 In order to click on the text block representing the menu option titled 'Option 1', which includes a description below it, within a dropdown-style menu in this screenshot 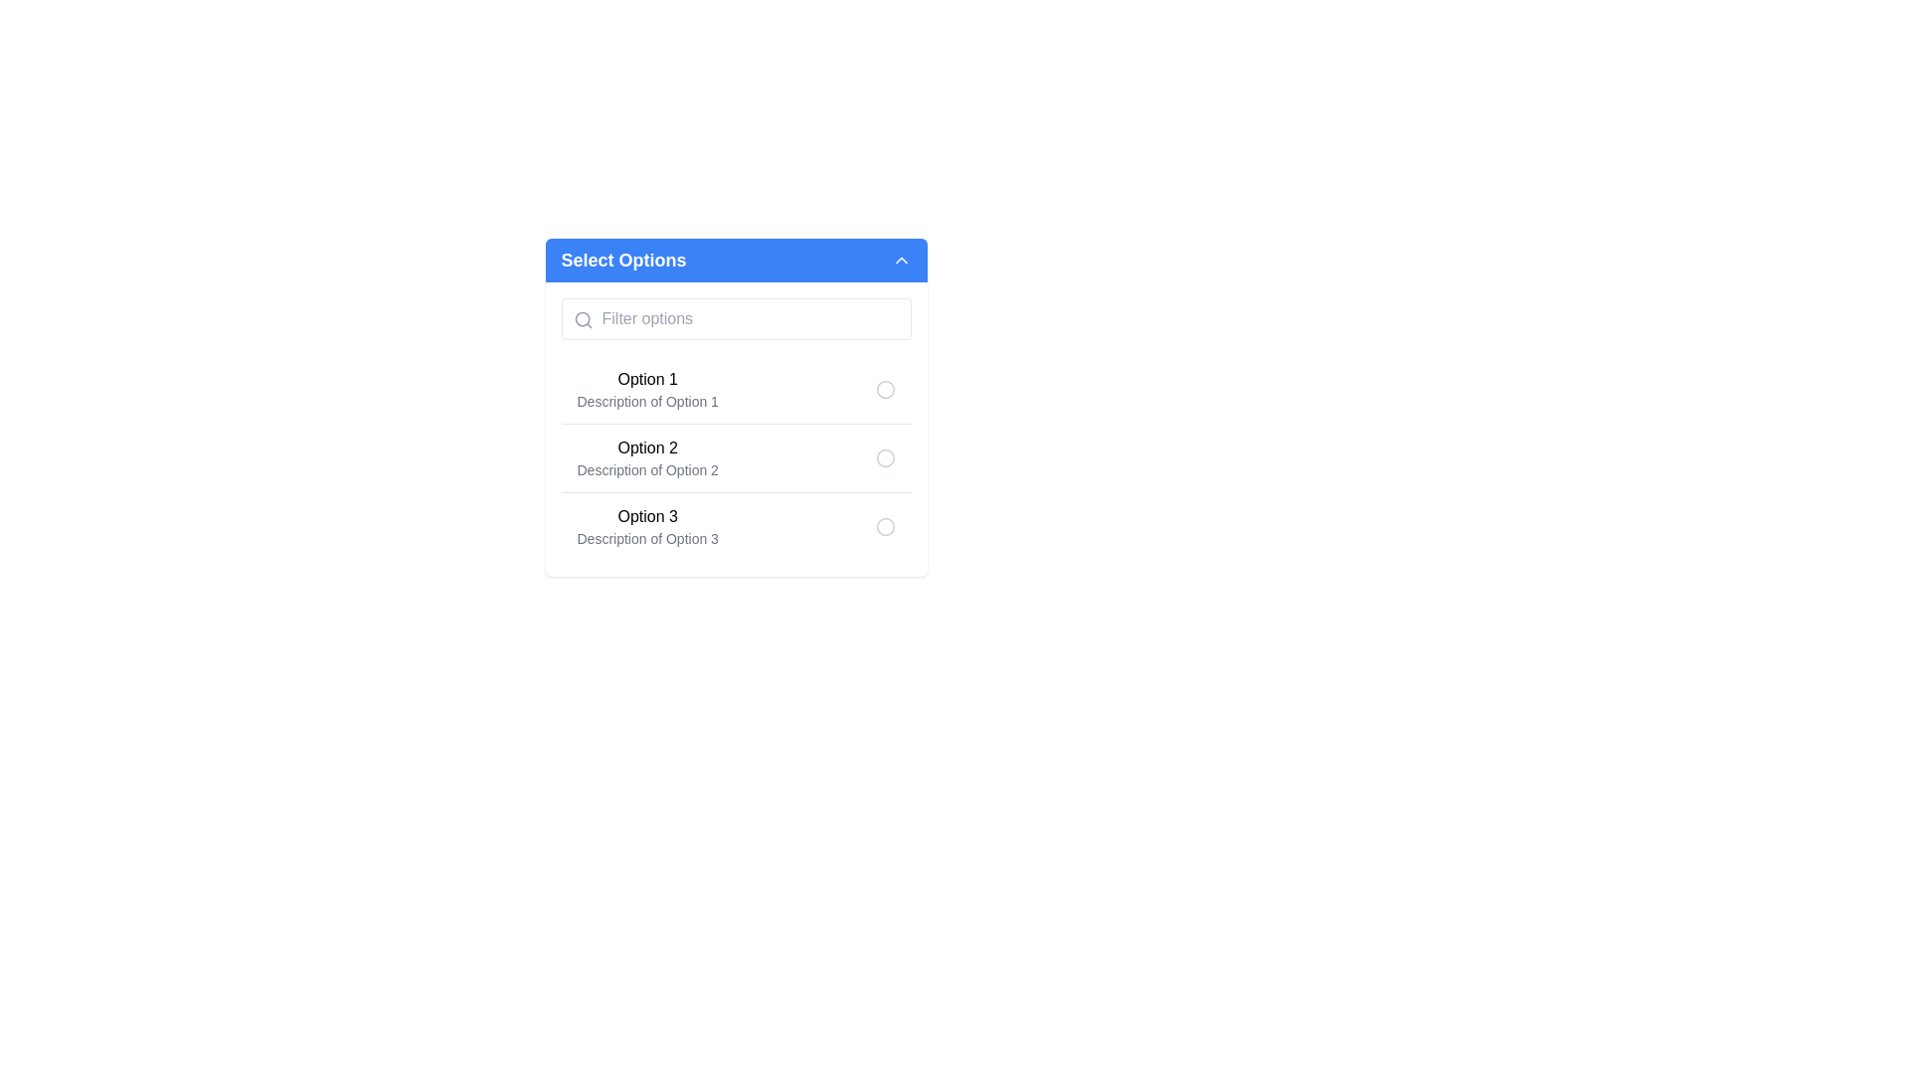, I will do `click(647, 390)`.